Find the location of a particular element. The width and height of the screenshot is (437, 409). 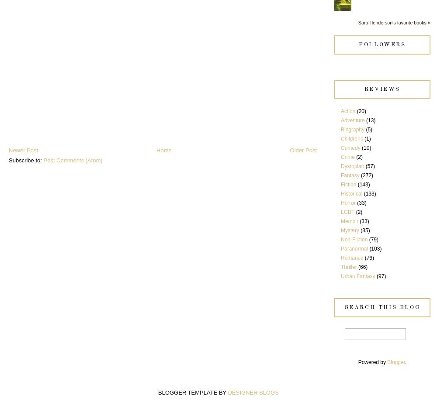

'(10)' is located at coordinates (366, 148).